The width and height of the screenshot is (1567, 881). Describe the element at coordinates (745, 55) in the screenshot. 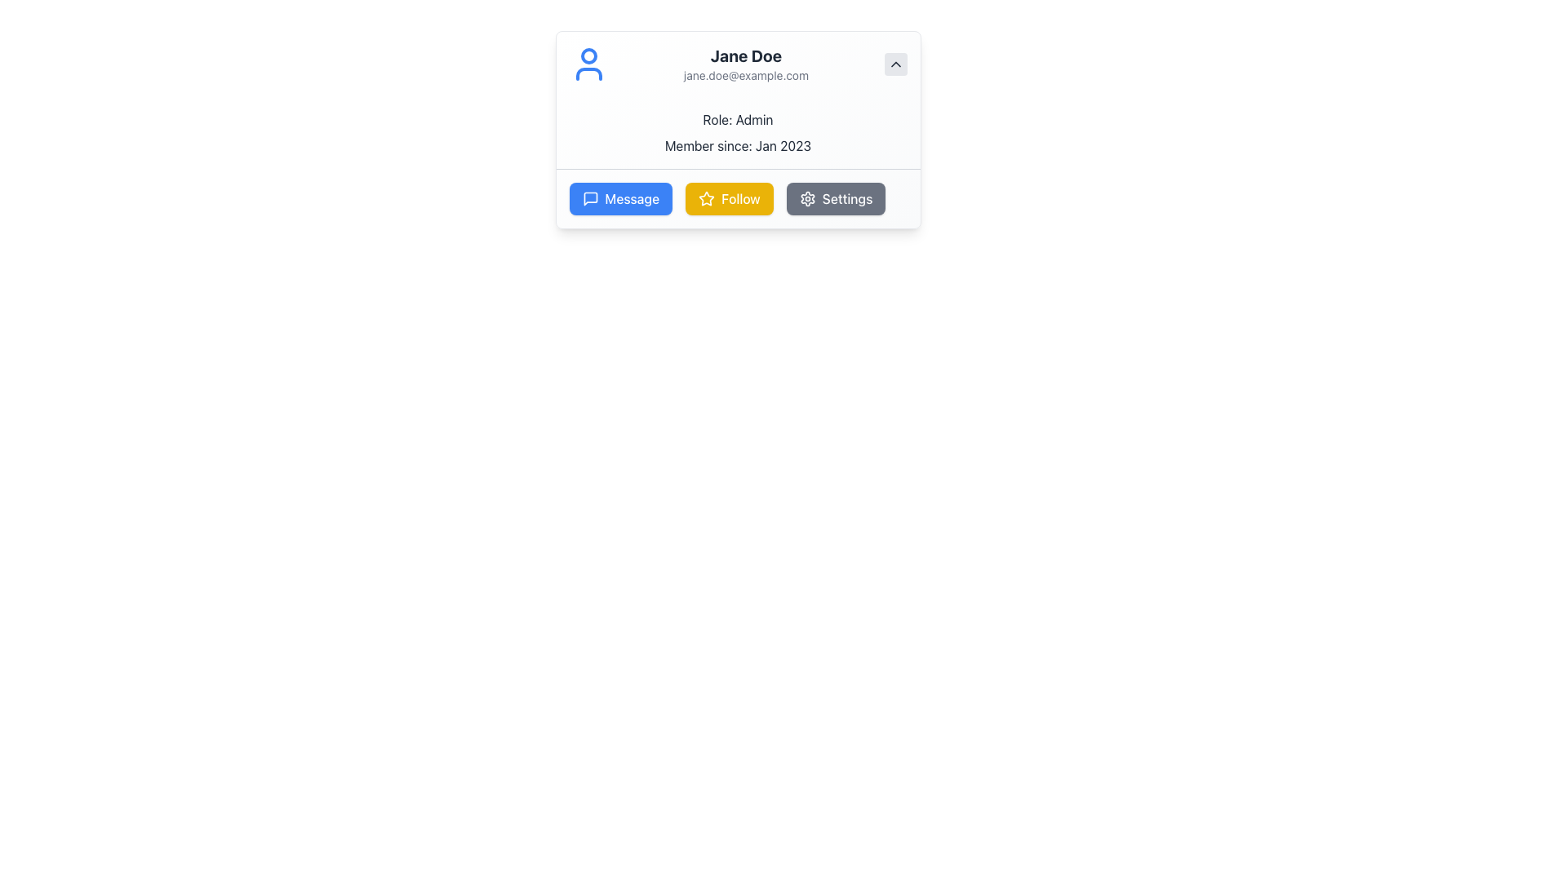

I see `the text label displaying 'Jane Doe' in bold and large font located at the top center of the card` at that location.